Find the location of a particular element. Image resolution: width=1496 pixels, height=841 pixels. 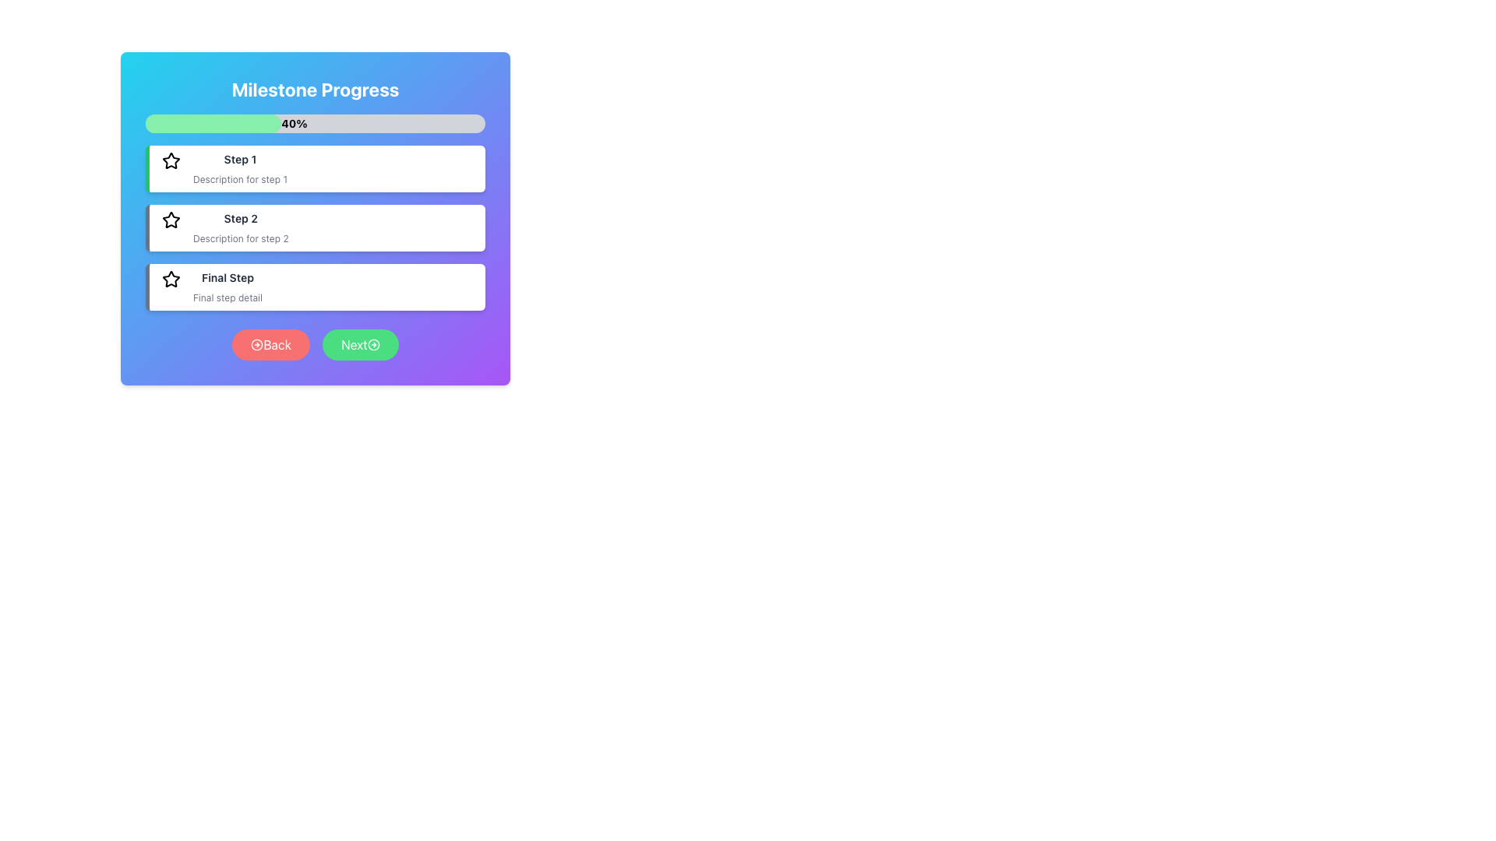

the 'Step 1' text label which is styled with a small bold font and dark gray color, located in the first section of a vertical list of steps is located at coordinates (239, 159).